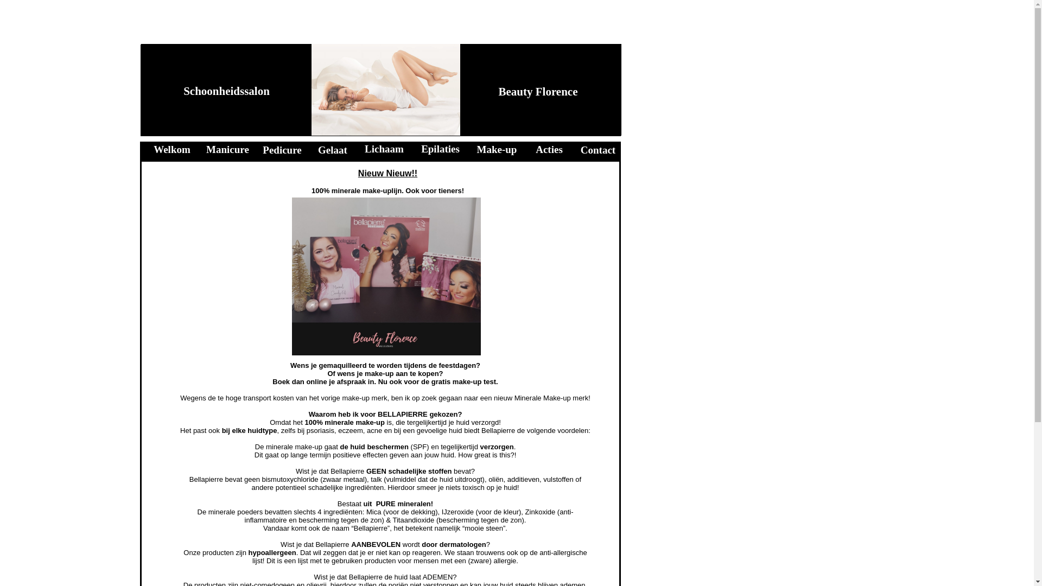  Describe the element at coordinates (549, 149) in the screenshot. I see `'Acties'` at that location.